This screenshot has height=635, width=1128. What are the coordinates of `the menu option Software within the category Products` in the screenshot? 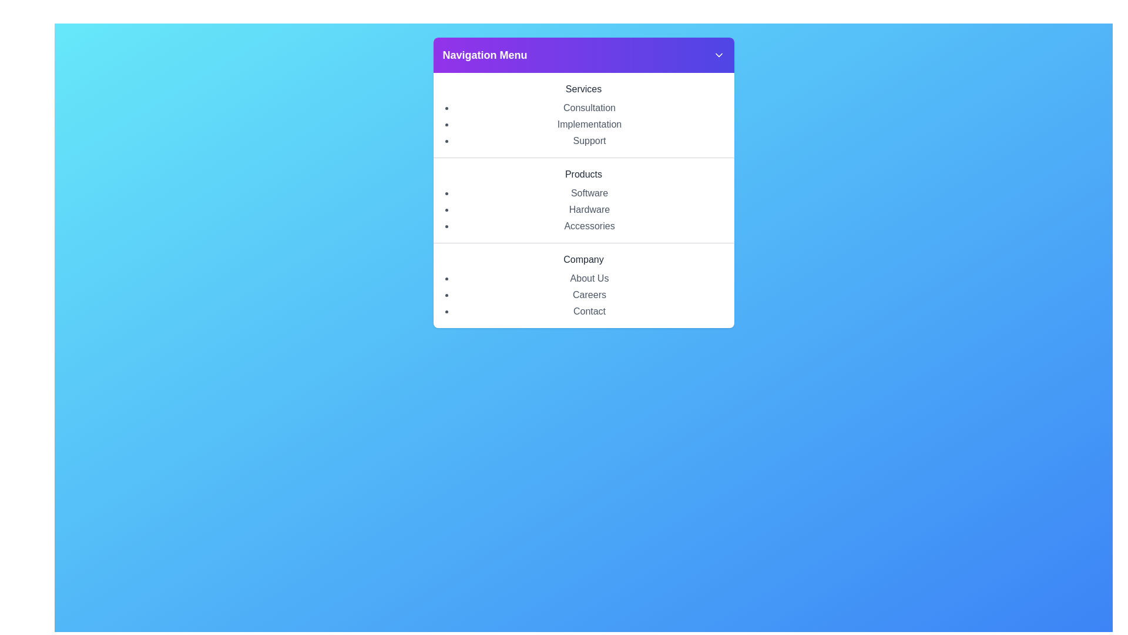 It's located at (589, 192).